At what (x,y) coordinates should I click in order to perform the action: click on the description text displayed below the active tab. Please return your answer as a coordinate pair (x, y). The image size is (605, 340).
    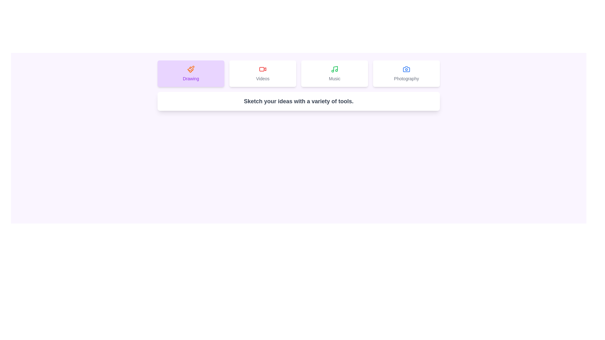
    Looking at the image, I should click on (298, 101).